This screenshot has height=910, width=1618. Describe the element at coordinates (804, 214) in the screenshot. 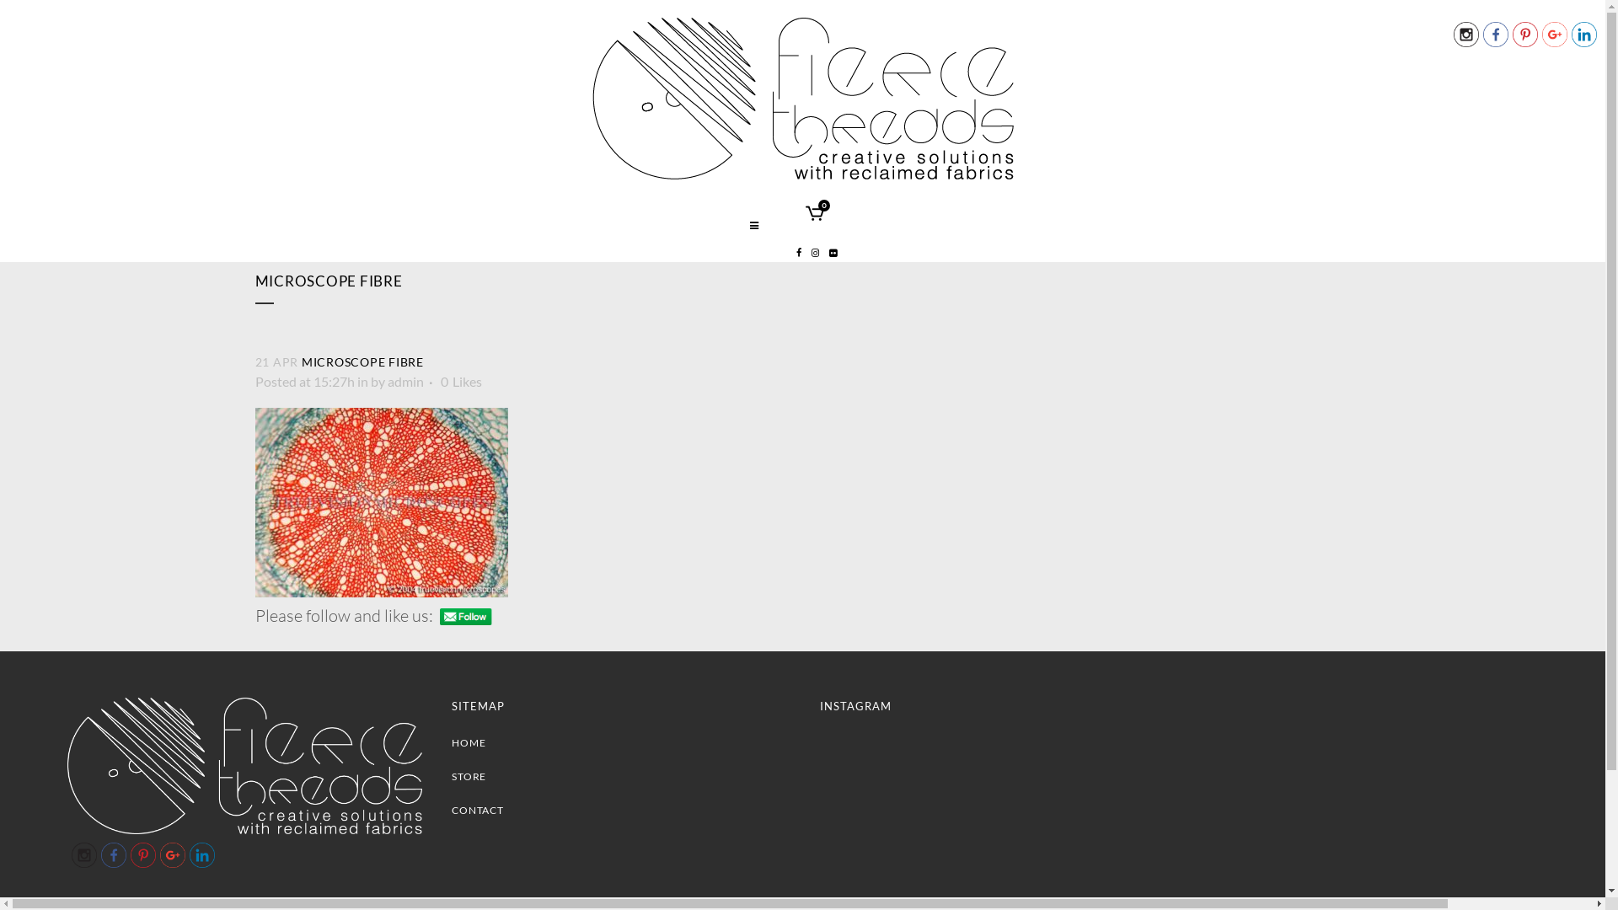

I see `'0'` at that location.